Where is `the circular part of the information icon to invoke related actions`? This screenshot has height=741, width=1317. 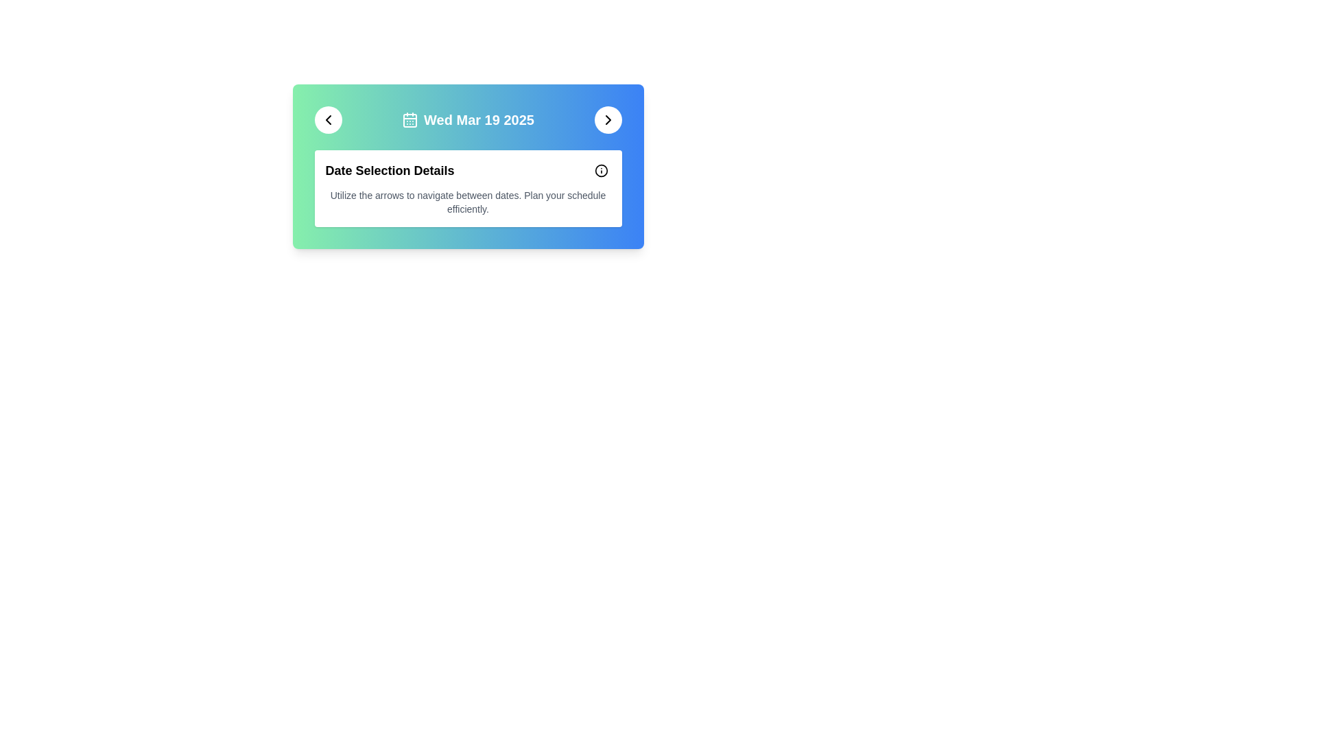
the circular part of the information icon to invoke related actions is located at coordinates (601, 170).